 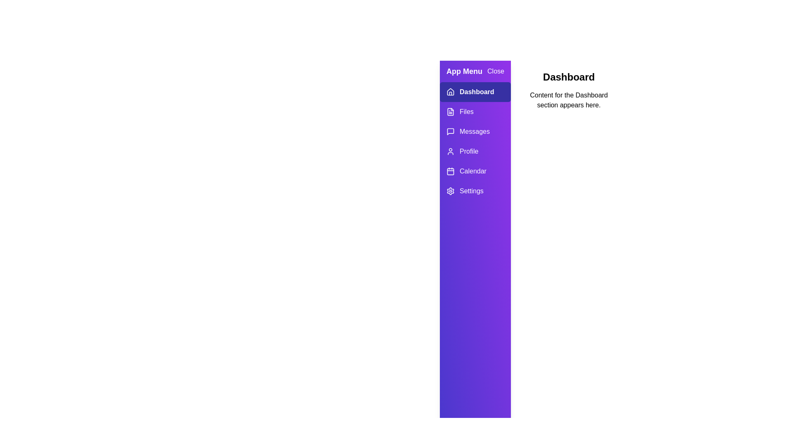 I want to click on the Dashboard tab in the menu, so click(x=475, y=92).